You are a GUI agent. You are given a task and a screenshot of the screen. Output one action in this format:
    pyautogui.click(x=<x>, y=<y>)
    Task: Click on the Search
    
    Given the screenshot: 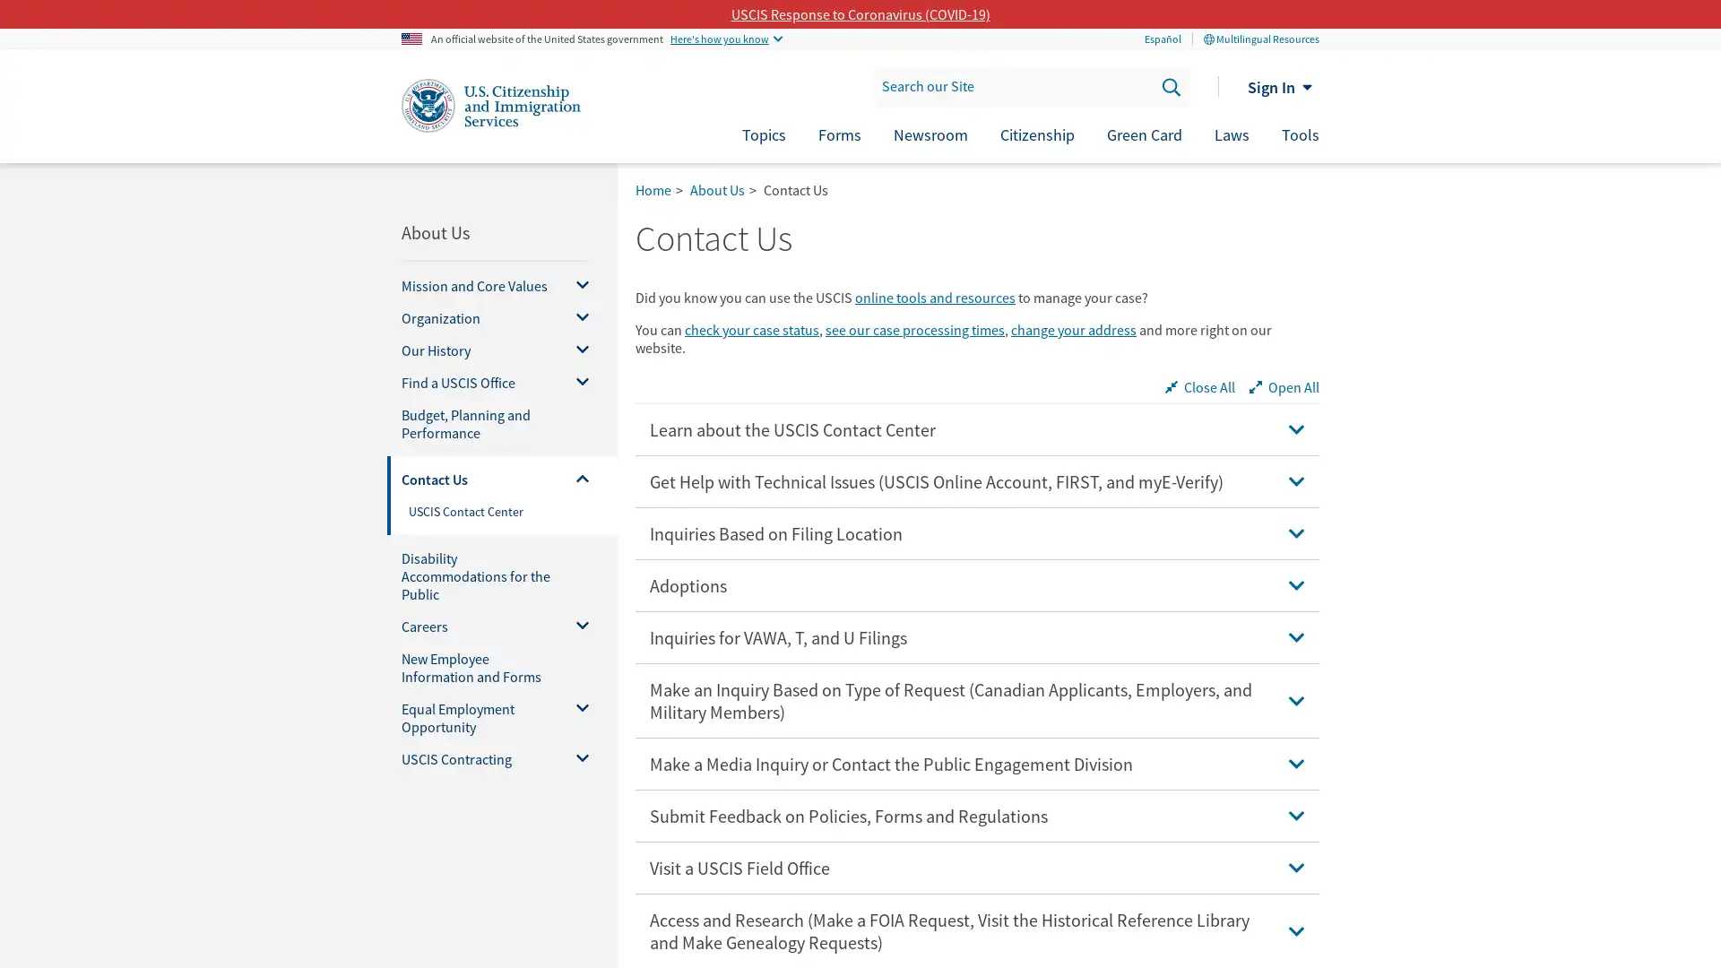 What is the action you would take?
    pyautogui.click(x=1170, y=86)
    